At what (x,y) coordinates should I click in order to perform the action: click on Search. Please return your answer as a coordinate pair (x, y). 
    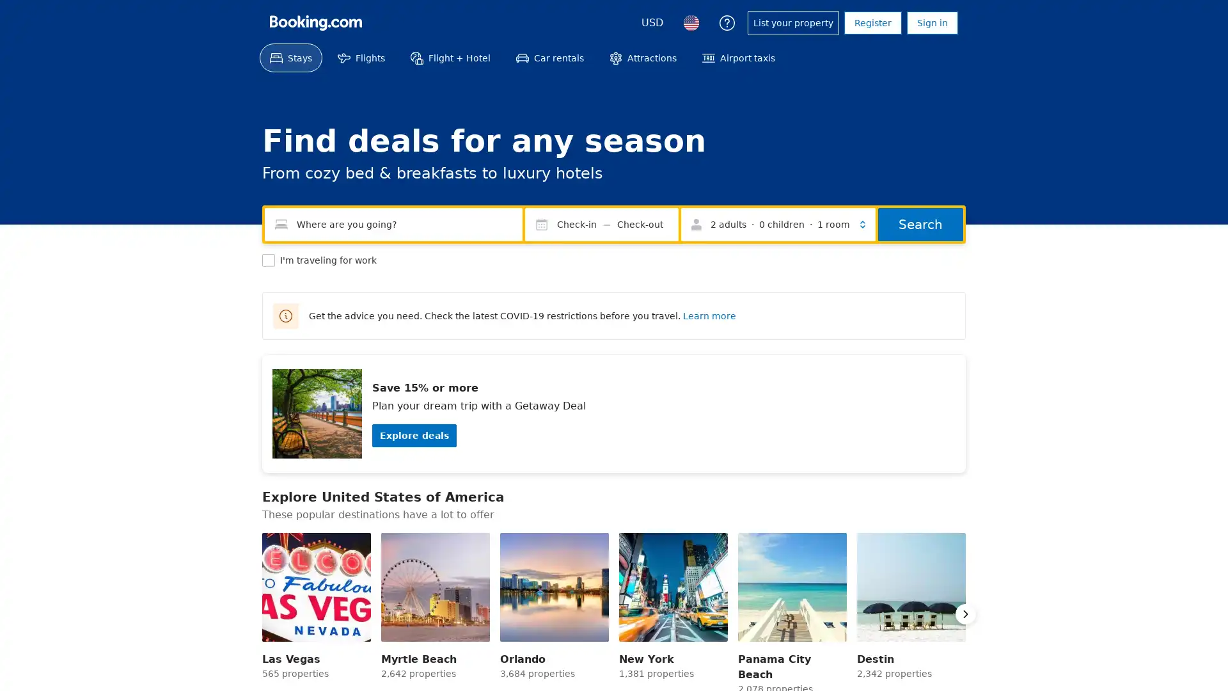
    Looking at the image, I should click on (920, 224).